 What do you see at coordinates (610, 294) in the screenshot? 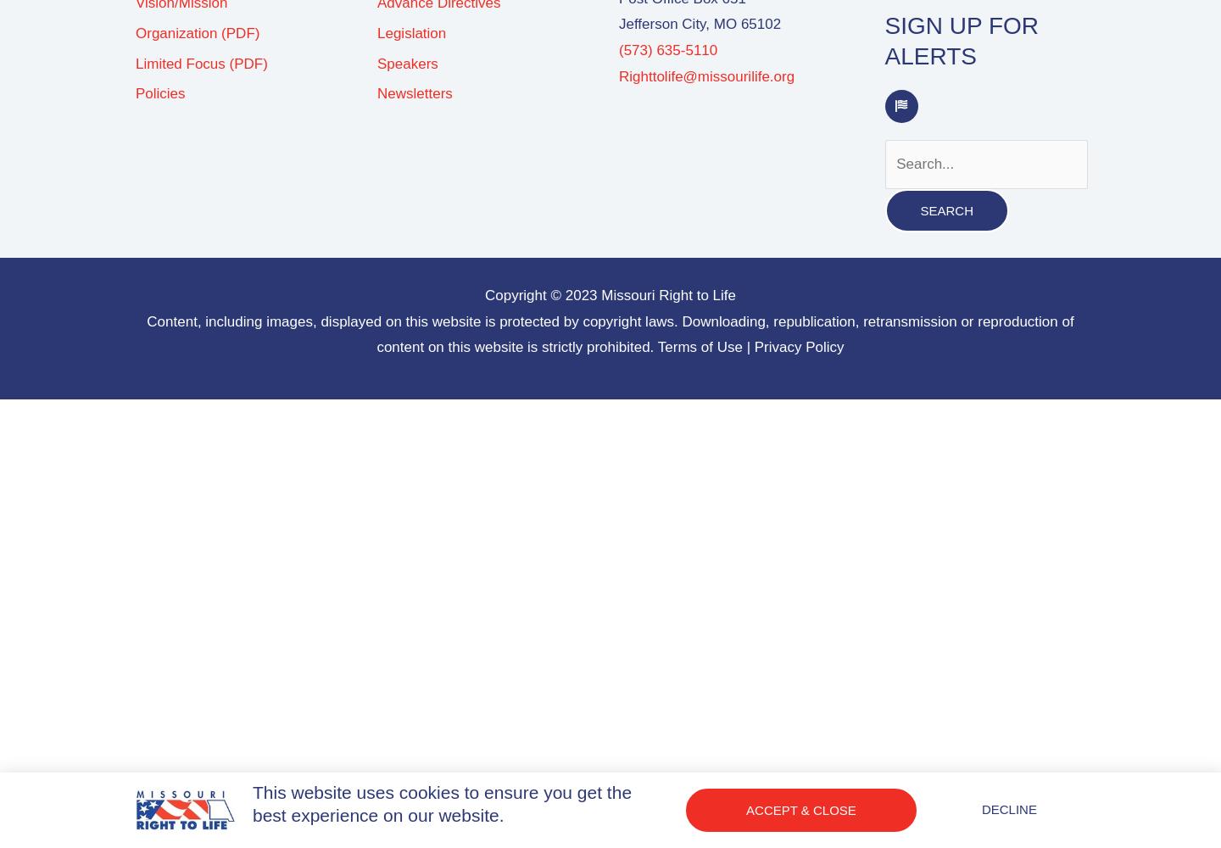
I see `'Copyright © 2023 Missouri Right to Life'` at bounding box center [610, 294].